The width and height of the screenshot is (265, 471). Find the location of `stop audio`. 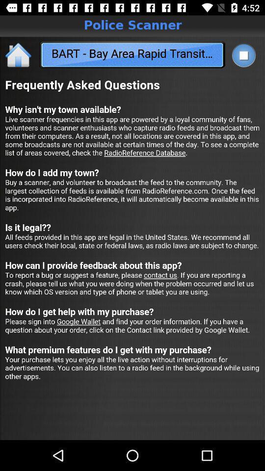

stop audio is located at coordinates (243, 55).